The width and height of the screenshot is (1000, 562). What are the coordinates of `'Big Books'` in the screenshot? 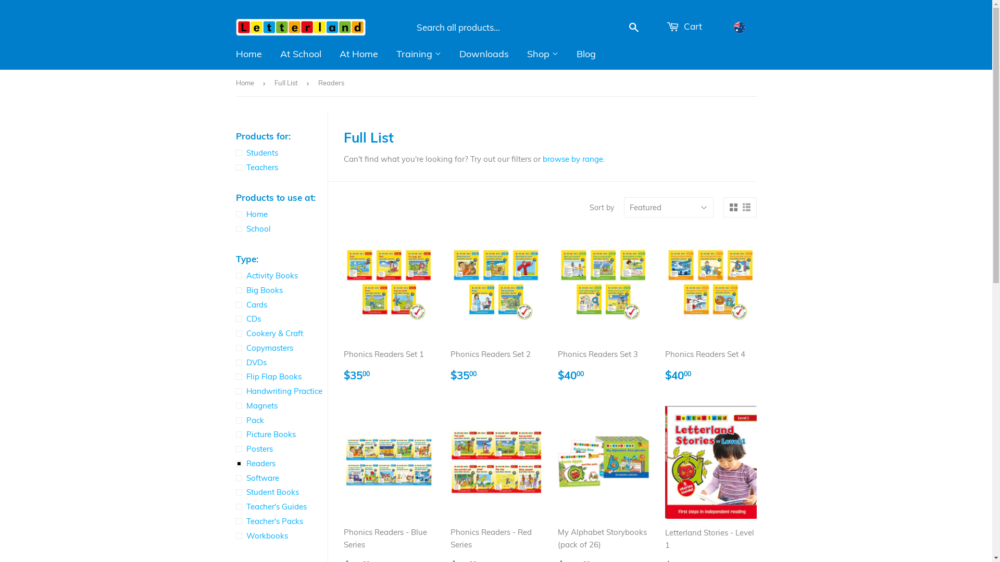 It's located at (234, 290).